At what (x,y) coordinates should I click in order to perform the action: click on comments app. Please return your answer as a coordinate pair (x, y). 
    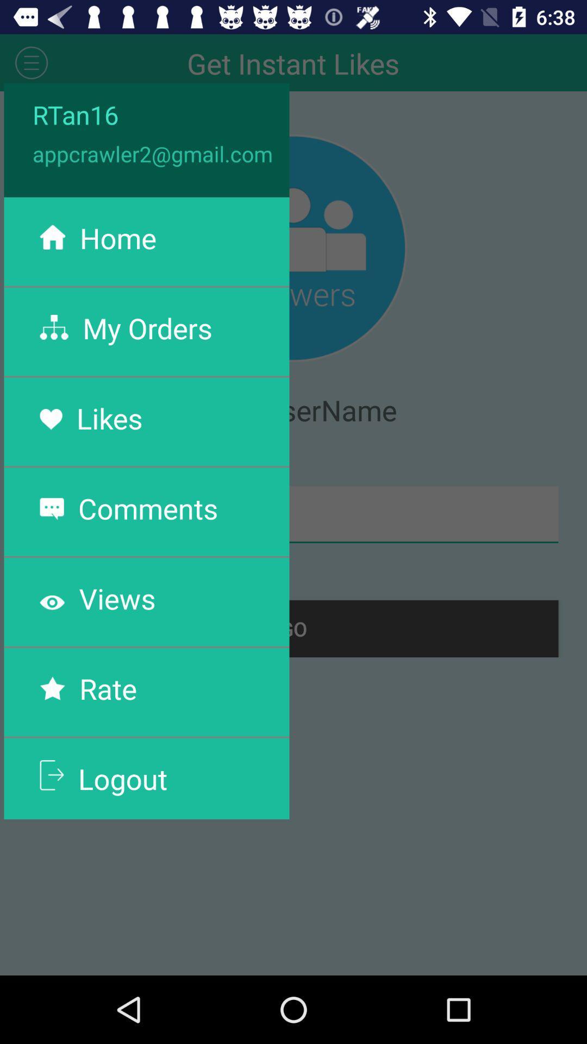
    Looking at the image, I should click on (148, 507).